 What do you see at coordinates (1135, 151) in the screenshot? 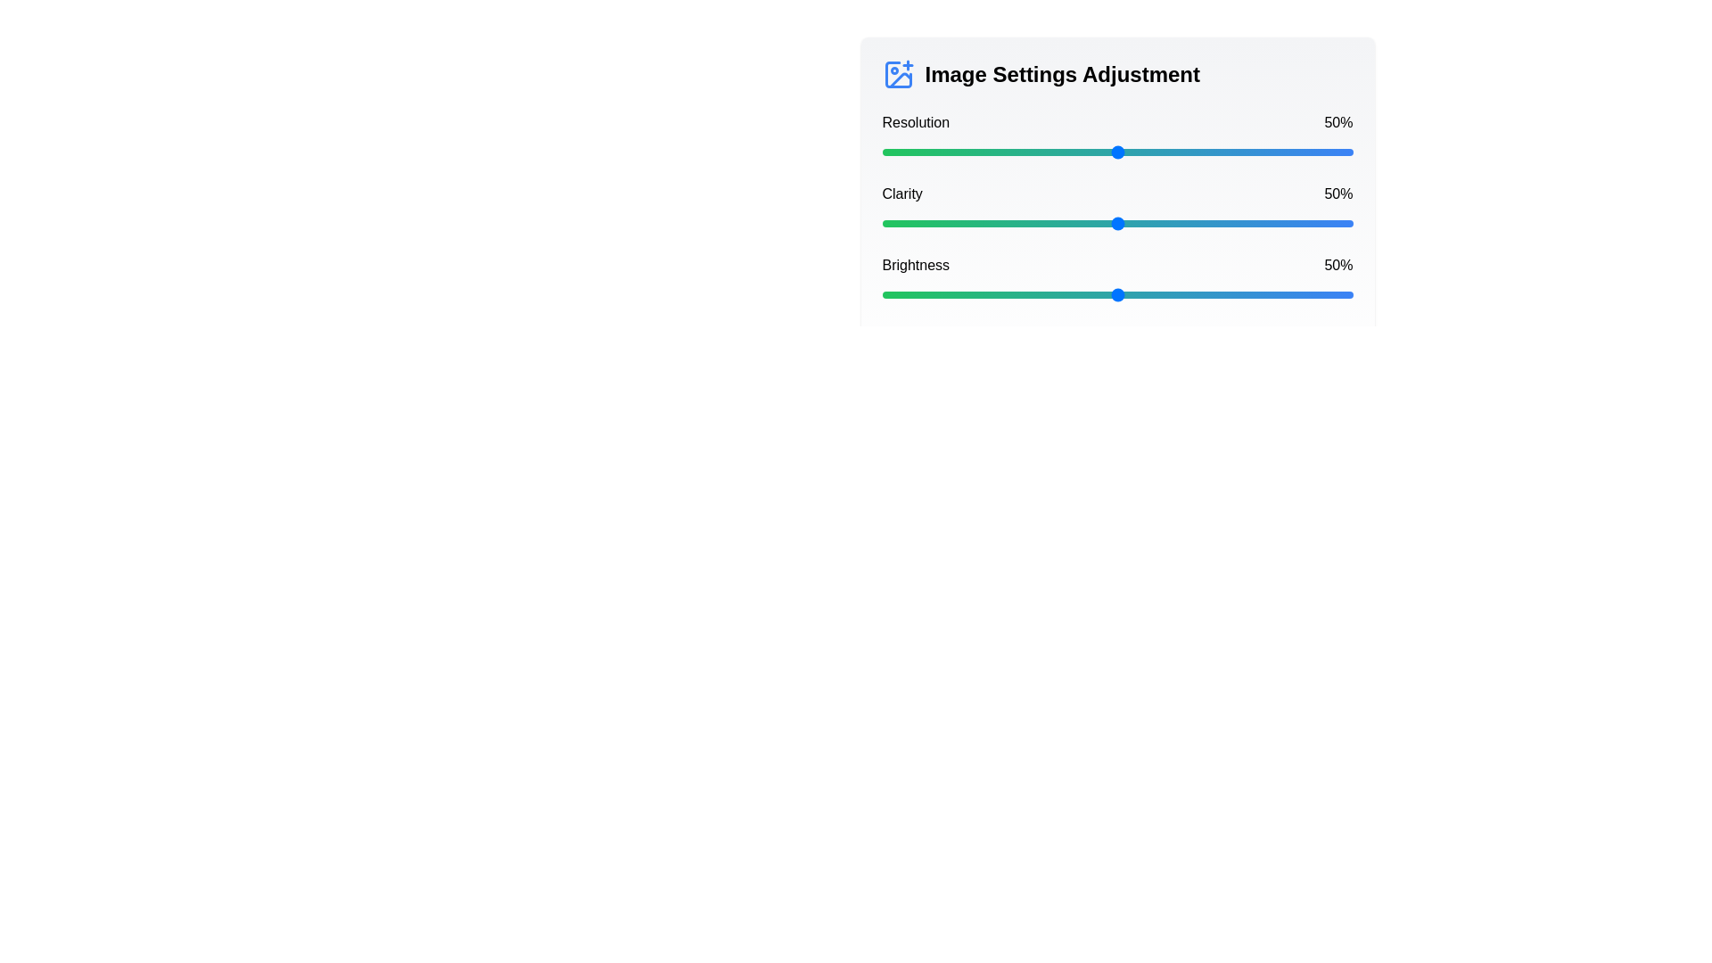
I see `the resolution slider to 54%` at bounding box center [1135, 151].